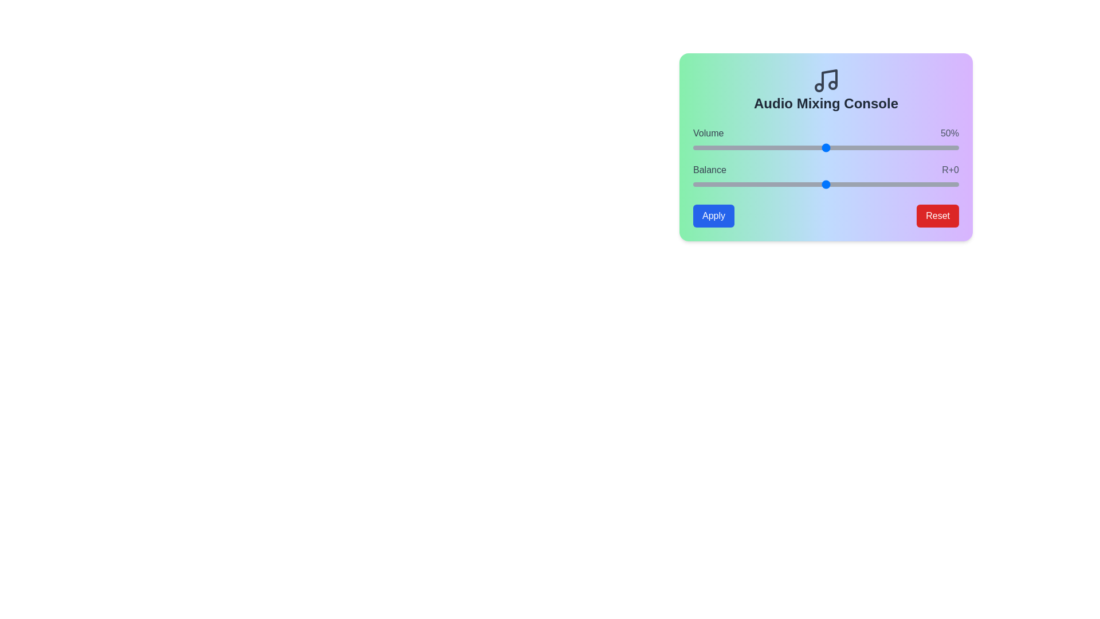 The height and width of the screenshot is (619, 1100). What do you see at coordinates (834, 183) in the screenshot?
I see `balance` at bounding box center [834, 183].